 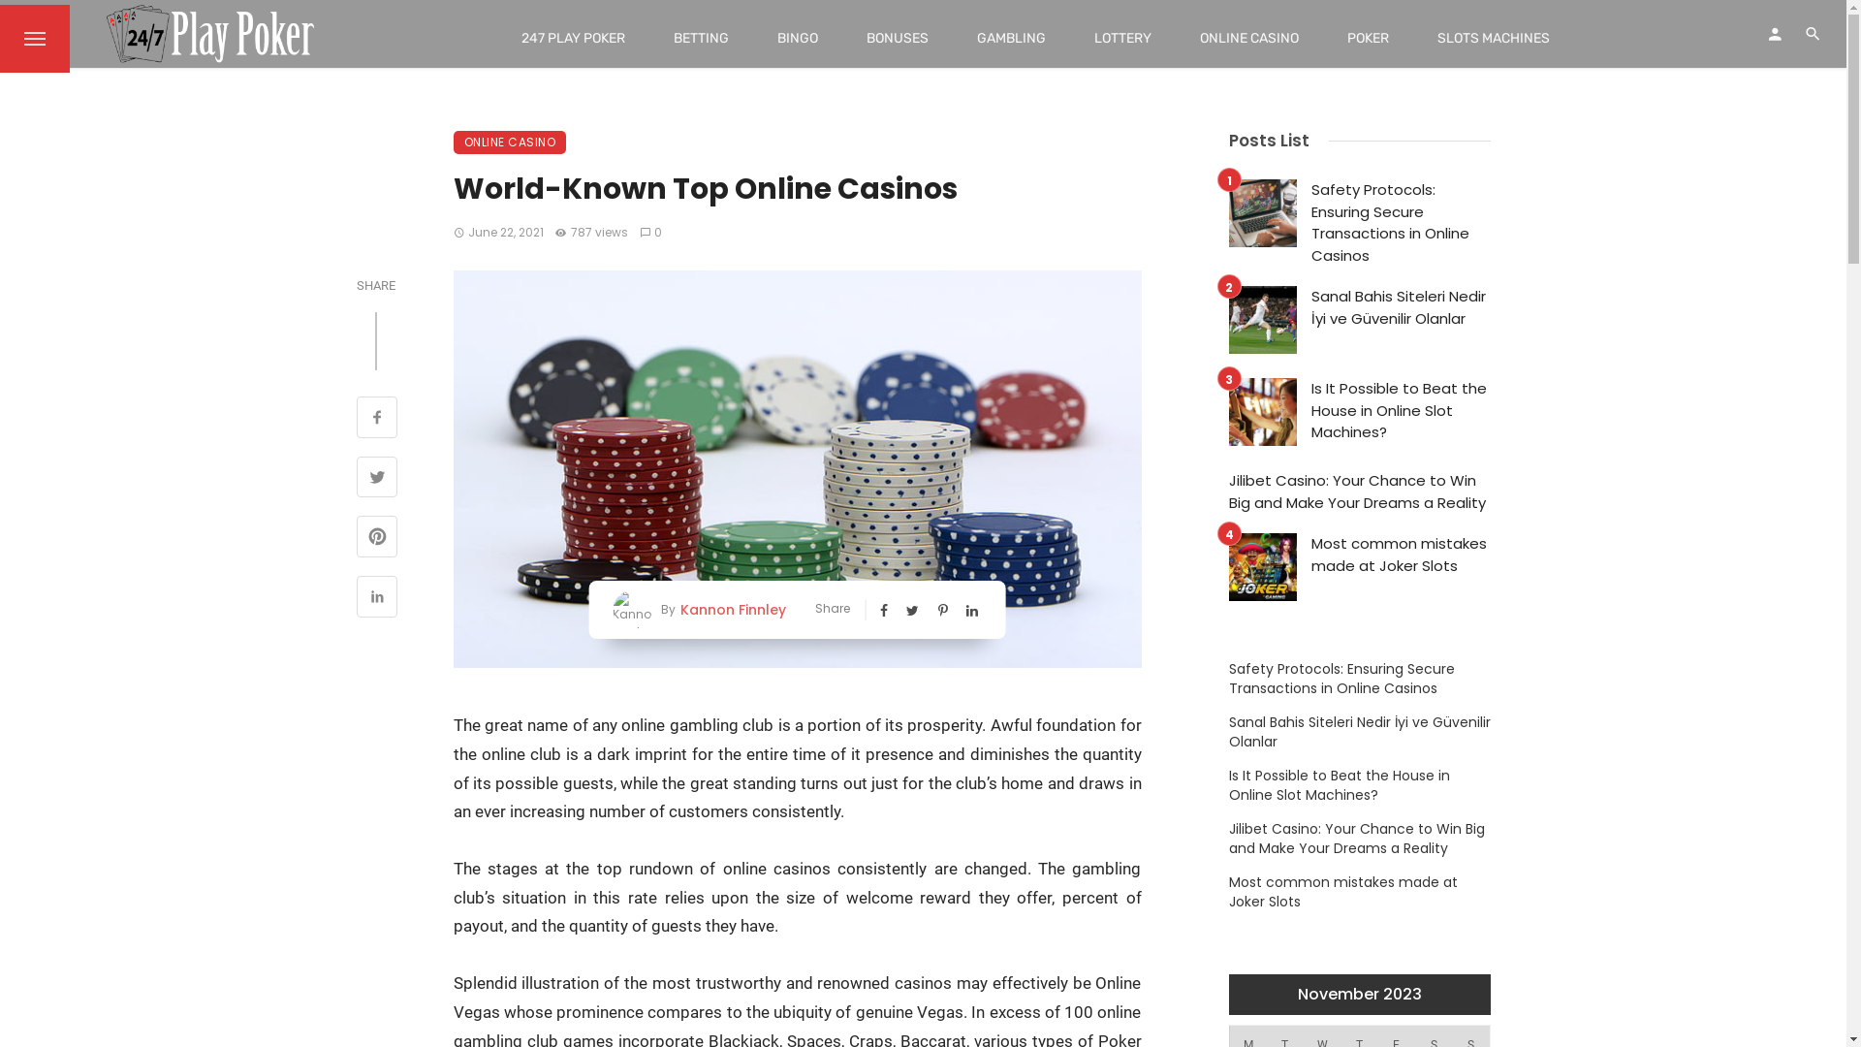 I want to click on '0', so click(x=651, y=231).